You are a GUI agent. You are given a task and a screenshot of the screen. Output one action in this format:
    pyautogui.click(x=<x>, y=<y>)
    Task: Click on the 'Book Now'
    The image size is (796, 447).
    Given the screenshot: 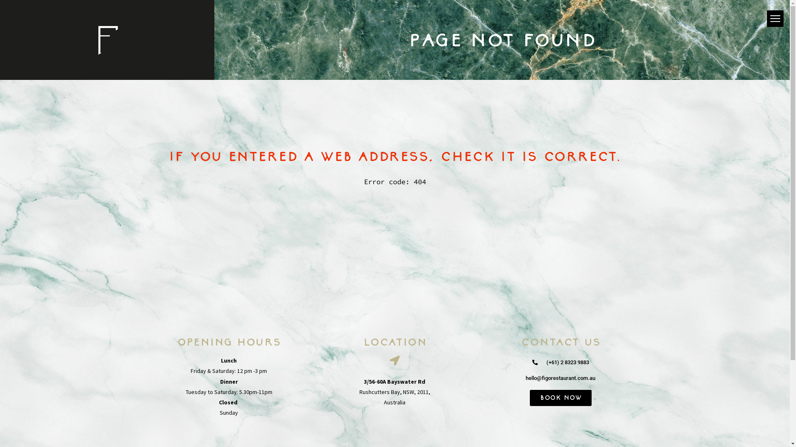 What is the action you would take?
    pyautogui.click(x=561, y=397)
    